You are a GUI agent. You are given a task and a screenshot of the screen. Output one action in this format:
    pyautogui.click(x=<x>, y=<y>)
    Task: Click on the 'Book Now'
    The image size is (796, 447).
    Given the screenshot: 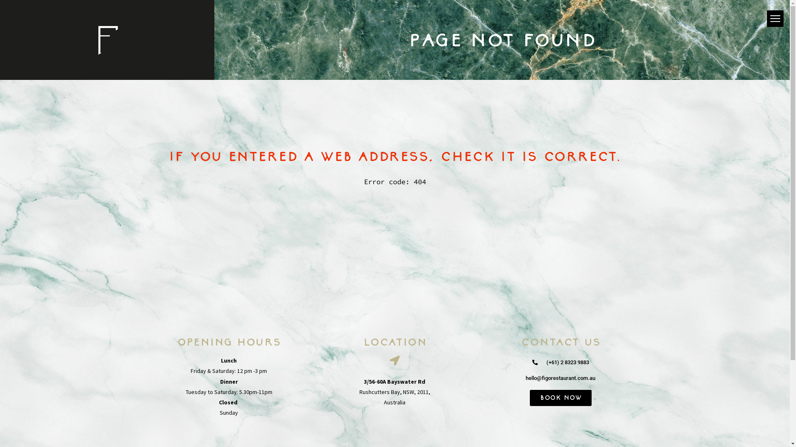 What is the action you would take?
    pyautogui.click(x=561, y=397)
    